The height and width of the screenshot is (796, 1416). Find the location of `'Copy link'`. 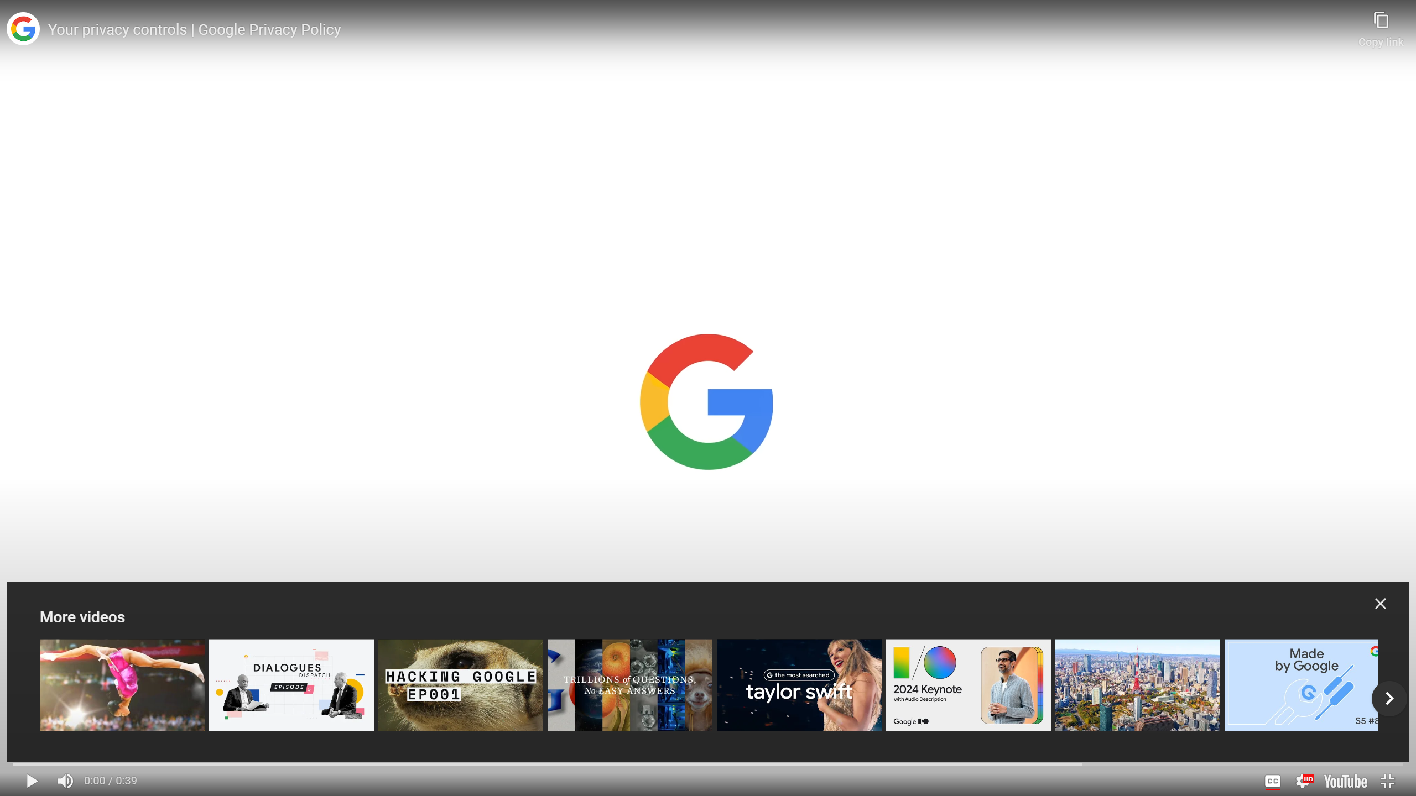

'Copy link' is located at coordinates (1380, 24).